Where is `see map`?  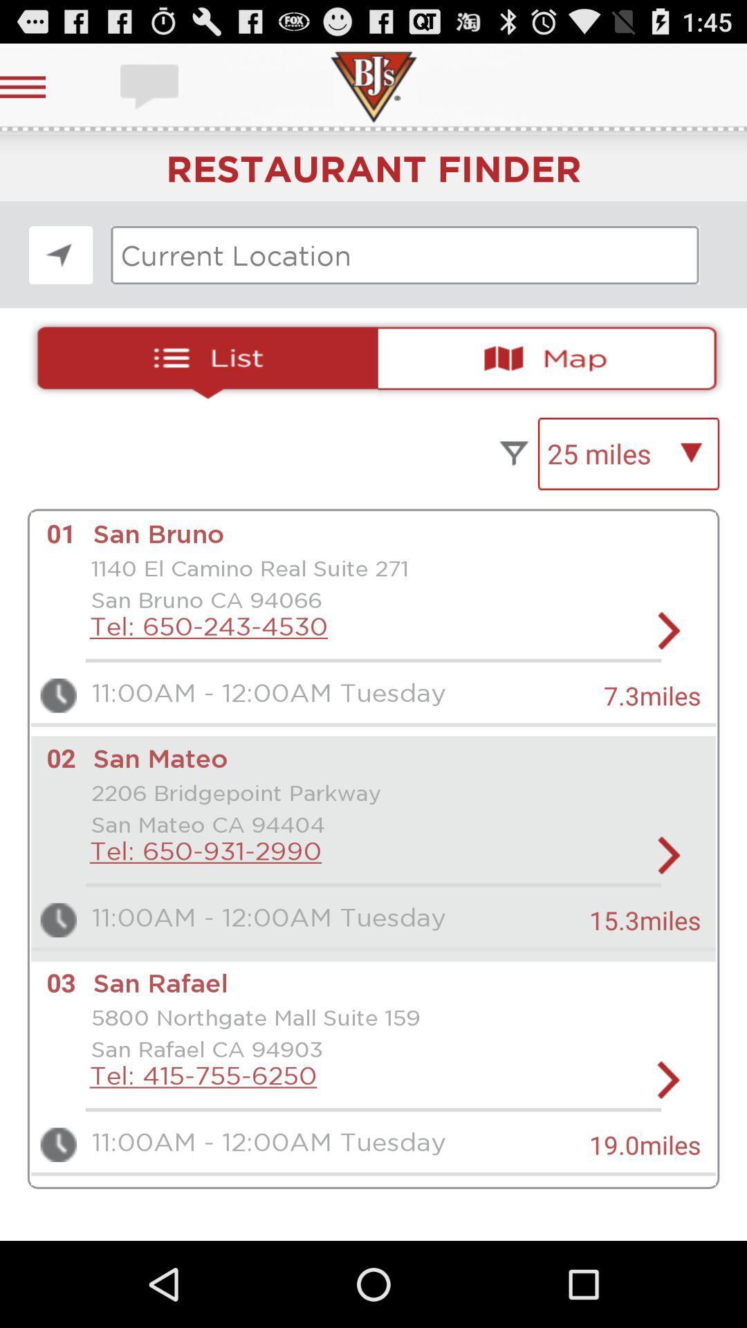
see map is located at coordinates (553, 358).